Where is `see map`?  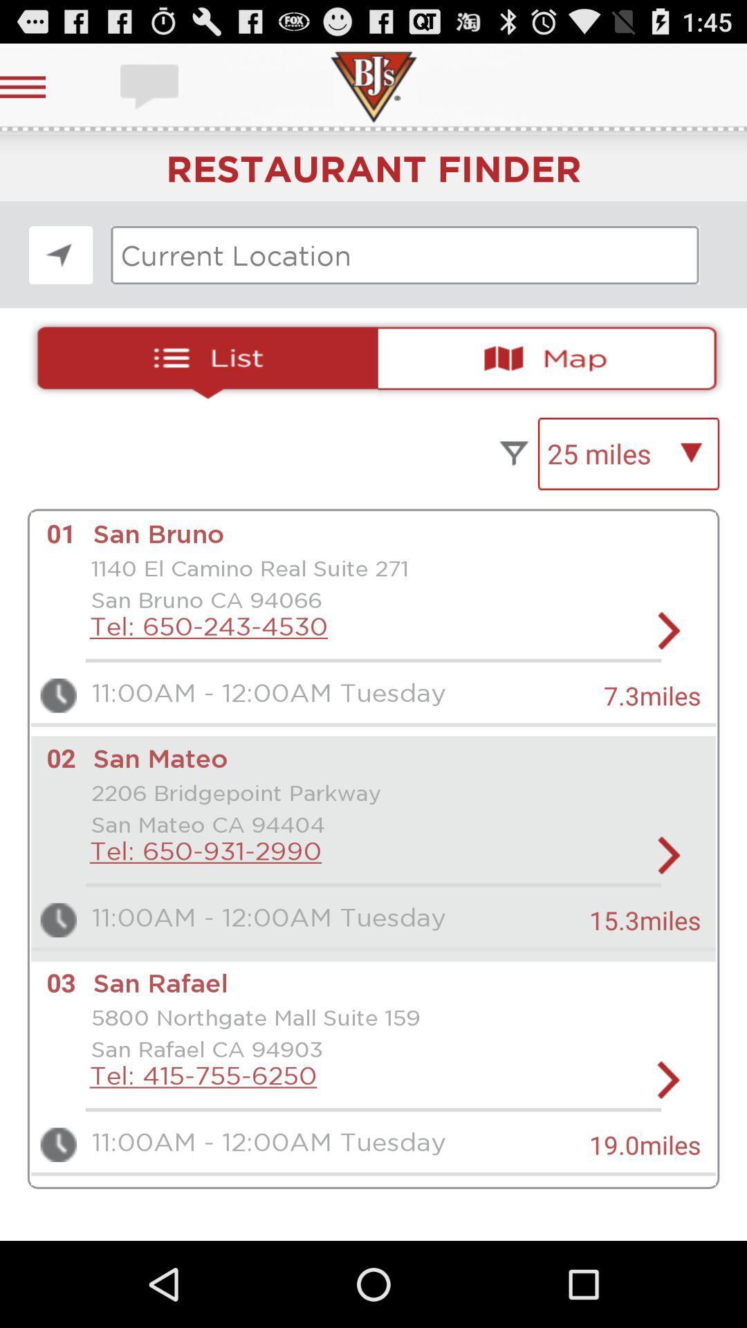
see map is located at coordinates (553, 358).